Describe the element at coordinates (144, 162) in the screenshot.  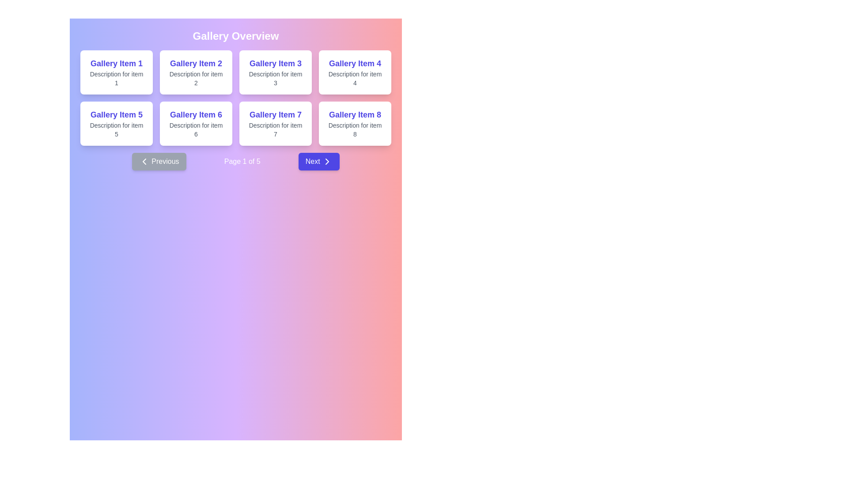
I see `the left-pointing chevron icon within the 'Previous' button` at that location.